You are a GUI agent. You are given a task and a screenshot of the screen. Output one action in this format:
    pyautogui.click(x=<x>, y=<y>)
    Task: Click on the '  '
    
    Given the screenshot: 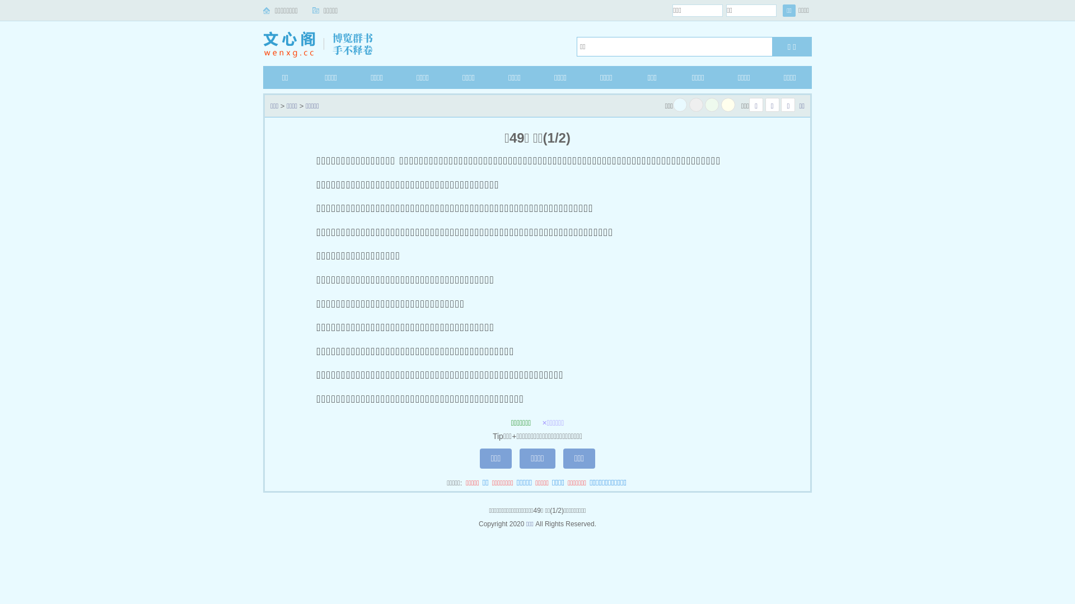 What is the action you would take?
    pyautogui.click(x=728, y=105)
    